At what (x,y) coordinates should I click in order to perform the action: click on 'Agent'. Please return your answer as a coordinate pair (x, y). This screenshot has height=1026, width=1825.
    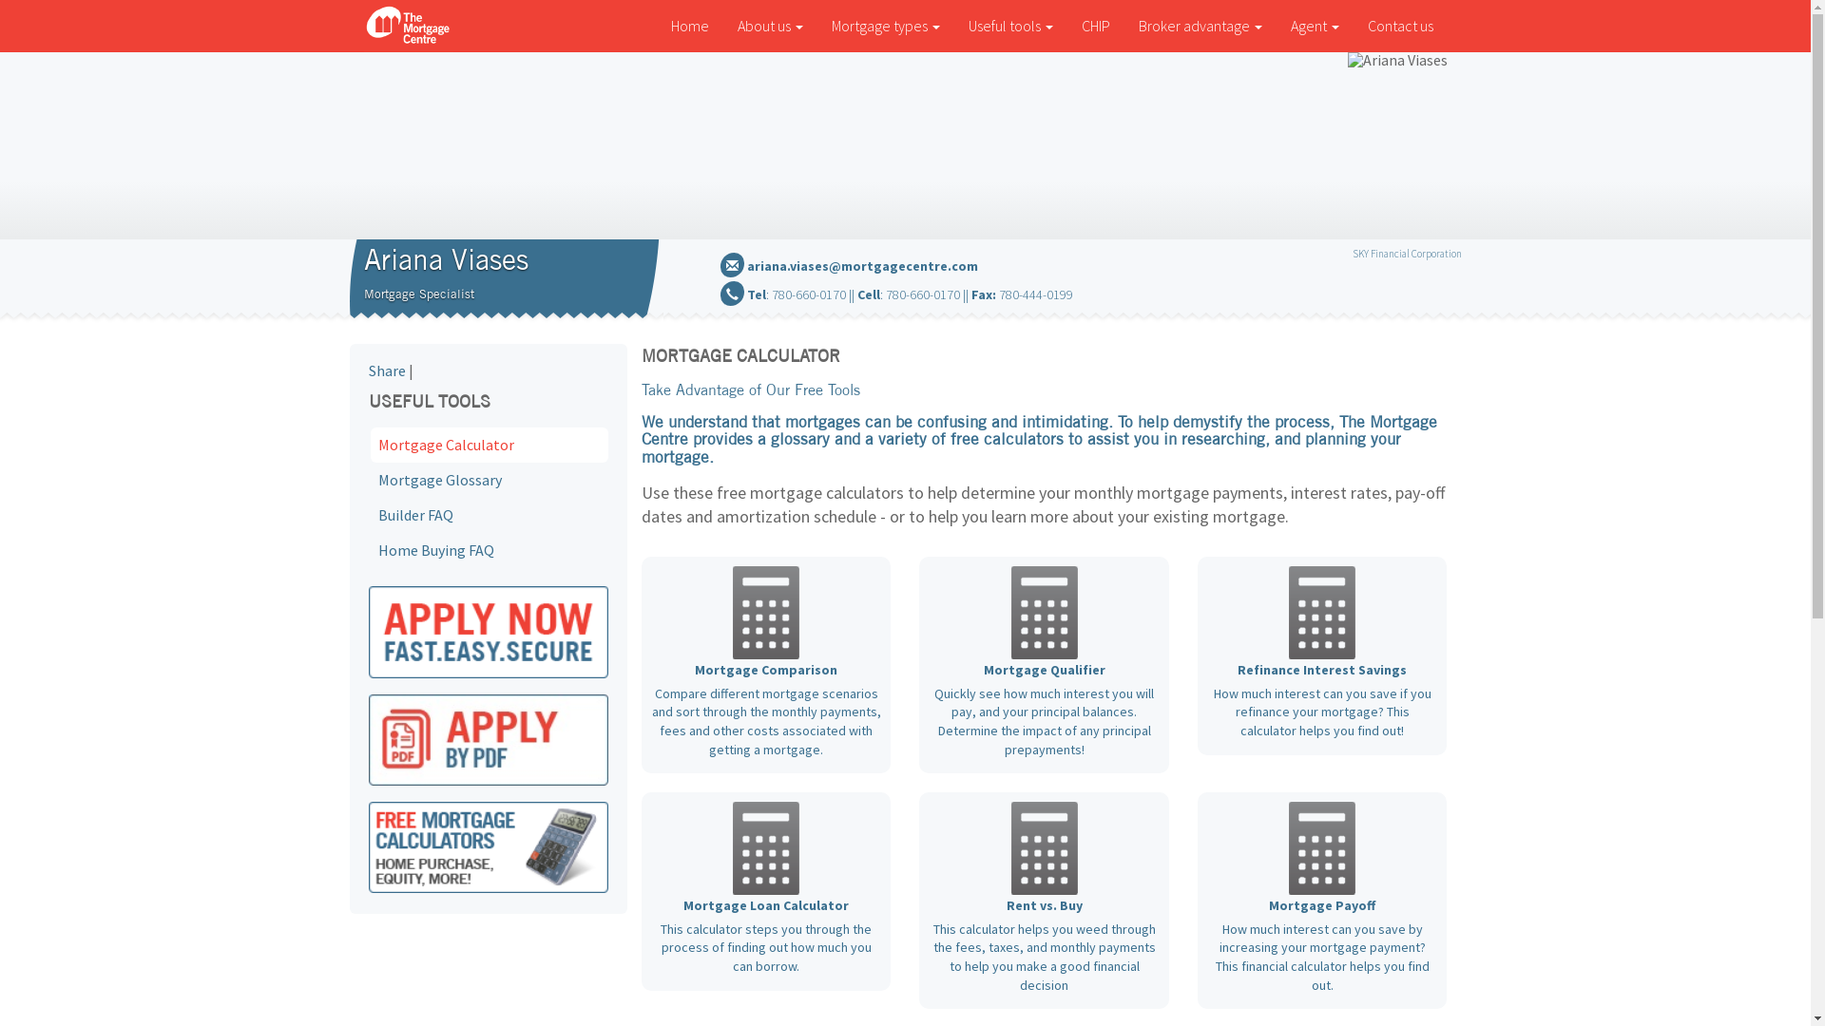
    Looking at the image, I should click on (1313, 26).